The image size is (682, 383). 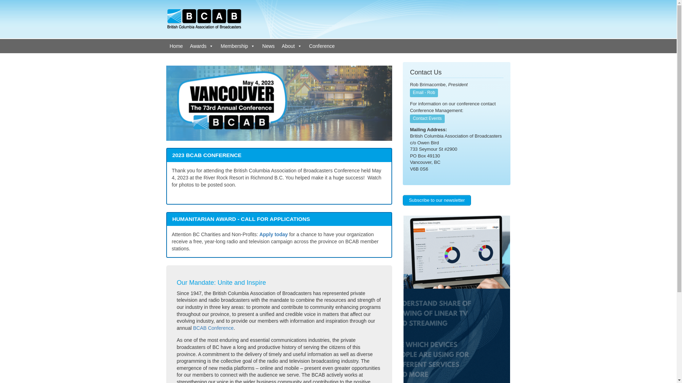 I want to click on 'Apply today', so click(x=259, y=234).